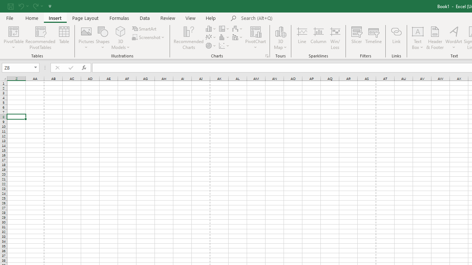 The width and height of the screenshot is (472, 265). What do you see at coordinates (453, 38) in the screenshot?
I see `'WordArt'` at bounding box center [453, 38].